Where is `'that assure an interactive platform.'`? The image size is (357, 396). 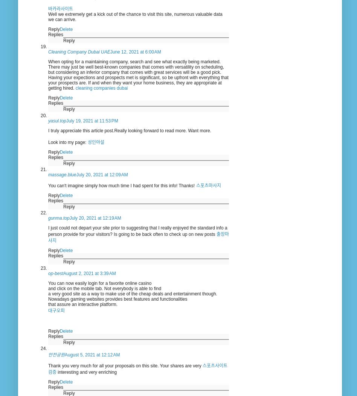
'that assure an interactive platform.' is located at coordinates (82, 303).